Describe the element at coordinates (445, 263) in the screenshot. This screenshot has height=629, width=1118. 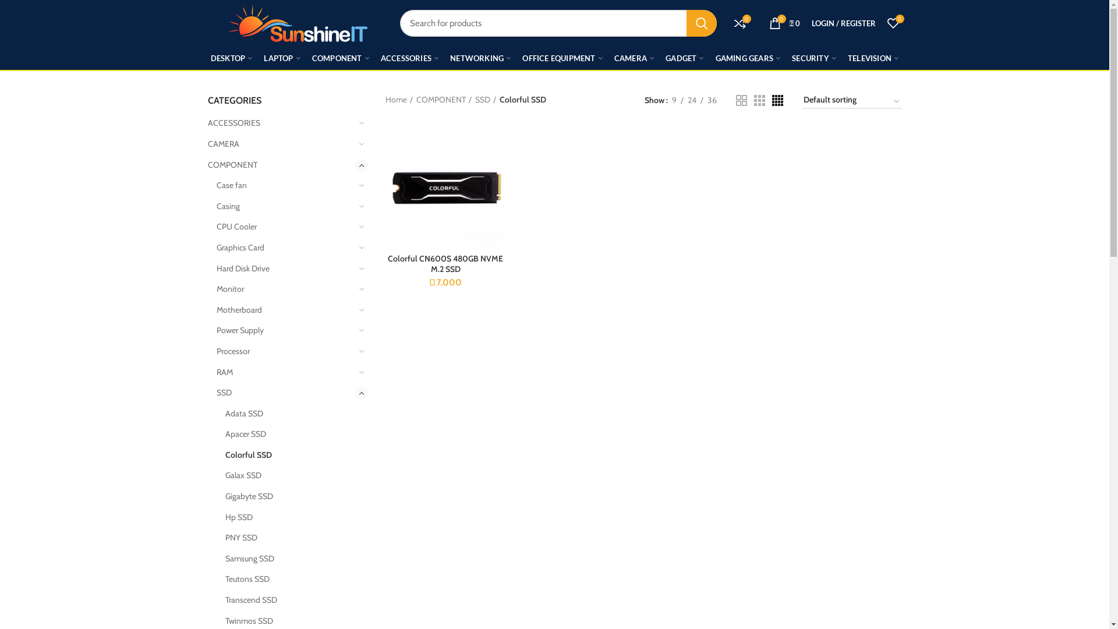
I see `'Colorful CN600S 480GB NVME M.2 SSD'` at that location.